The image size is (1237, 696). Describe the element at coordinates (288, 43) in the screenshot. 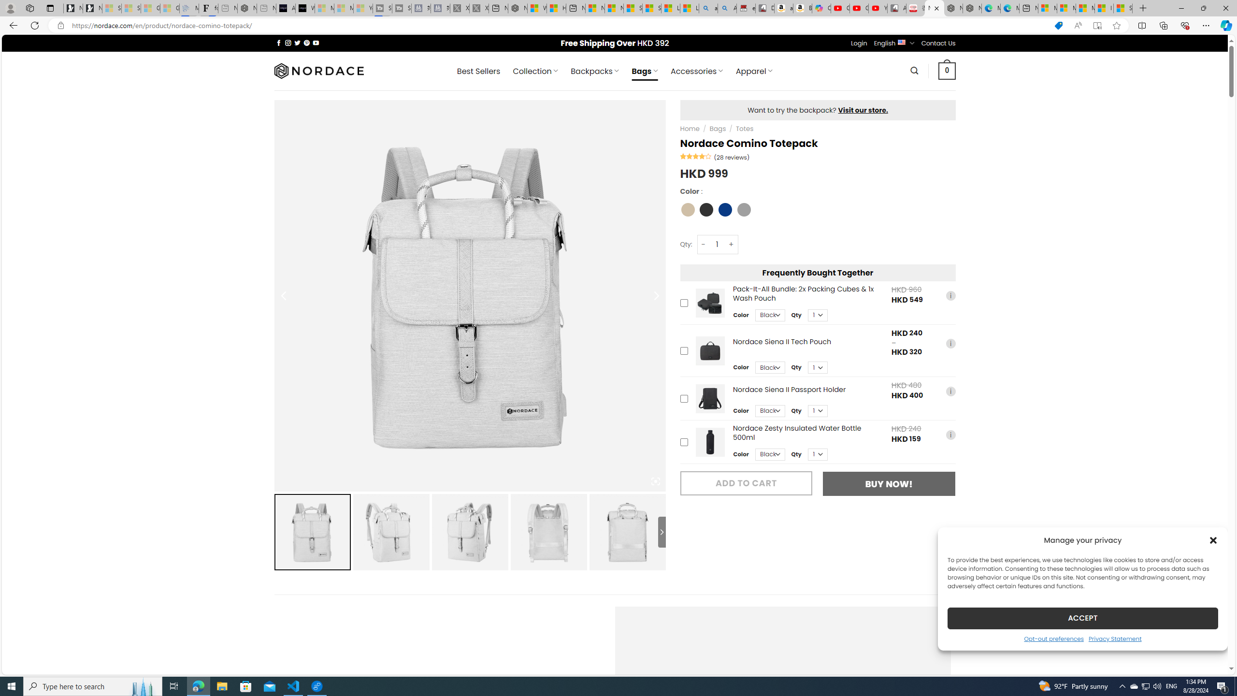

I see `'Follow on Instagram'` at that location.